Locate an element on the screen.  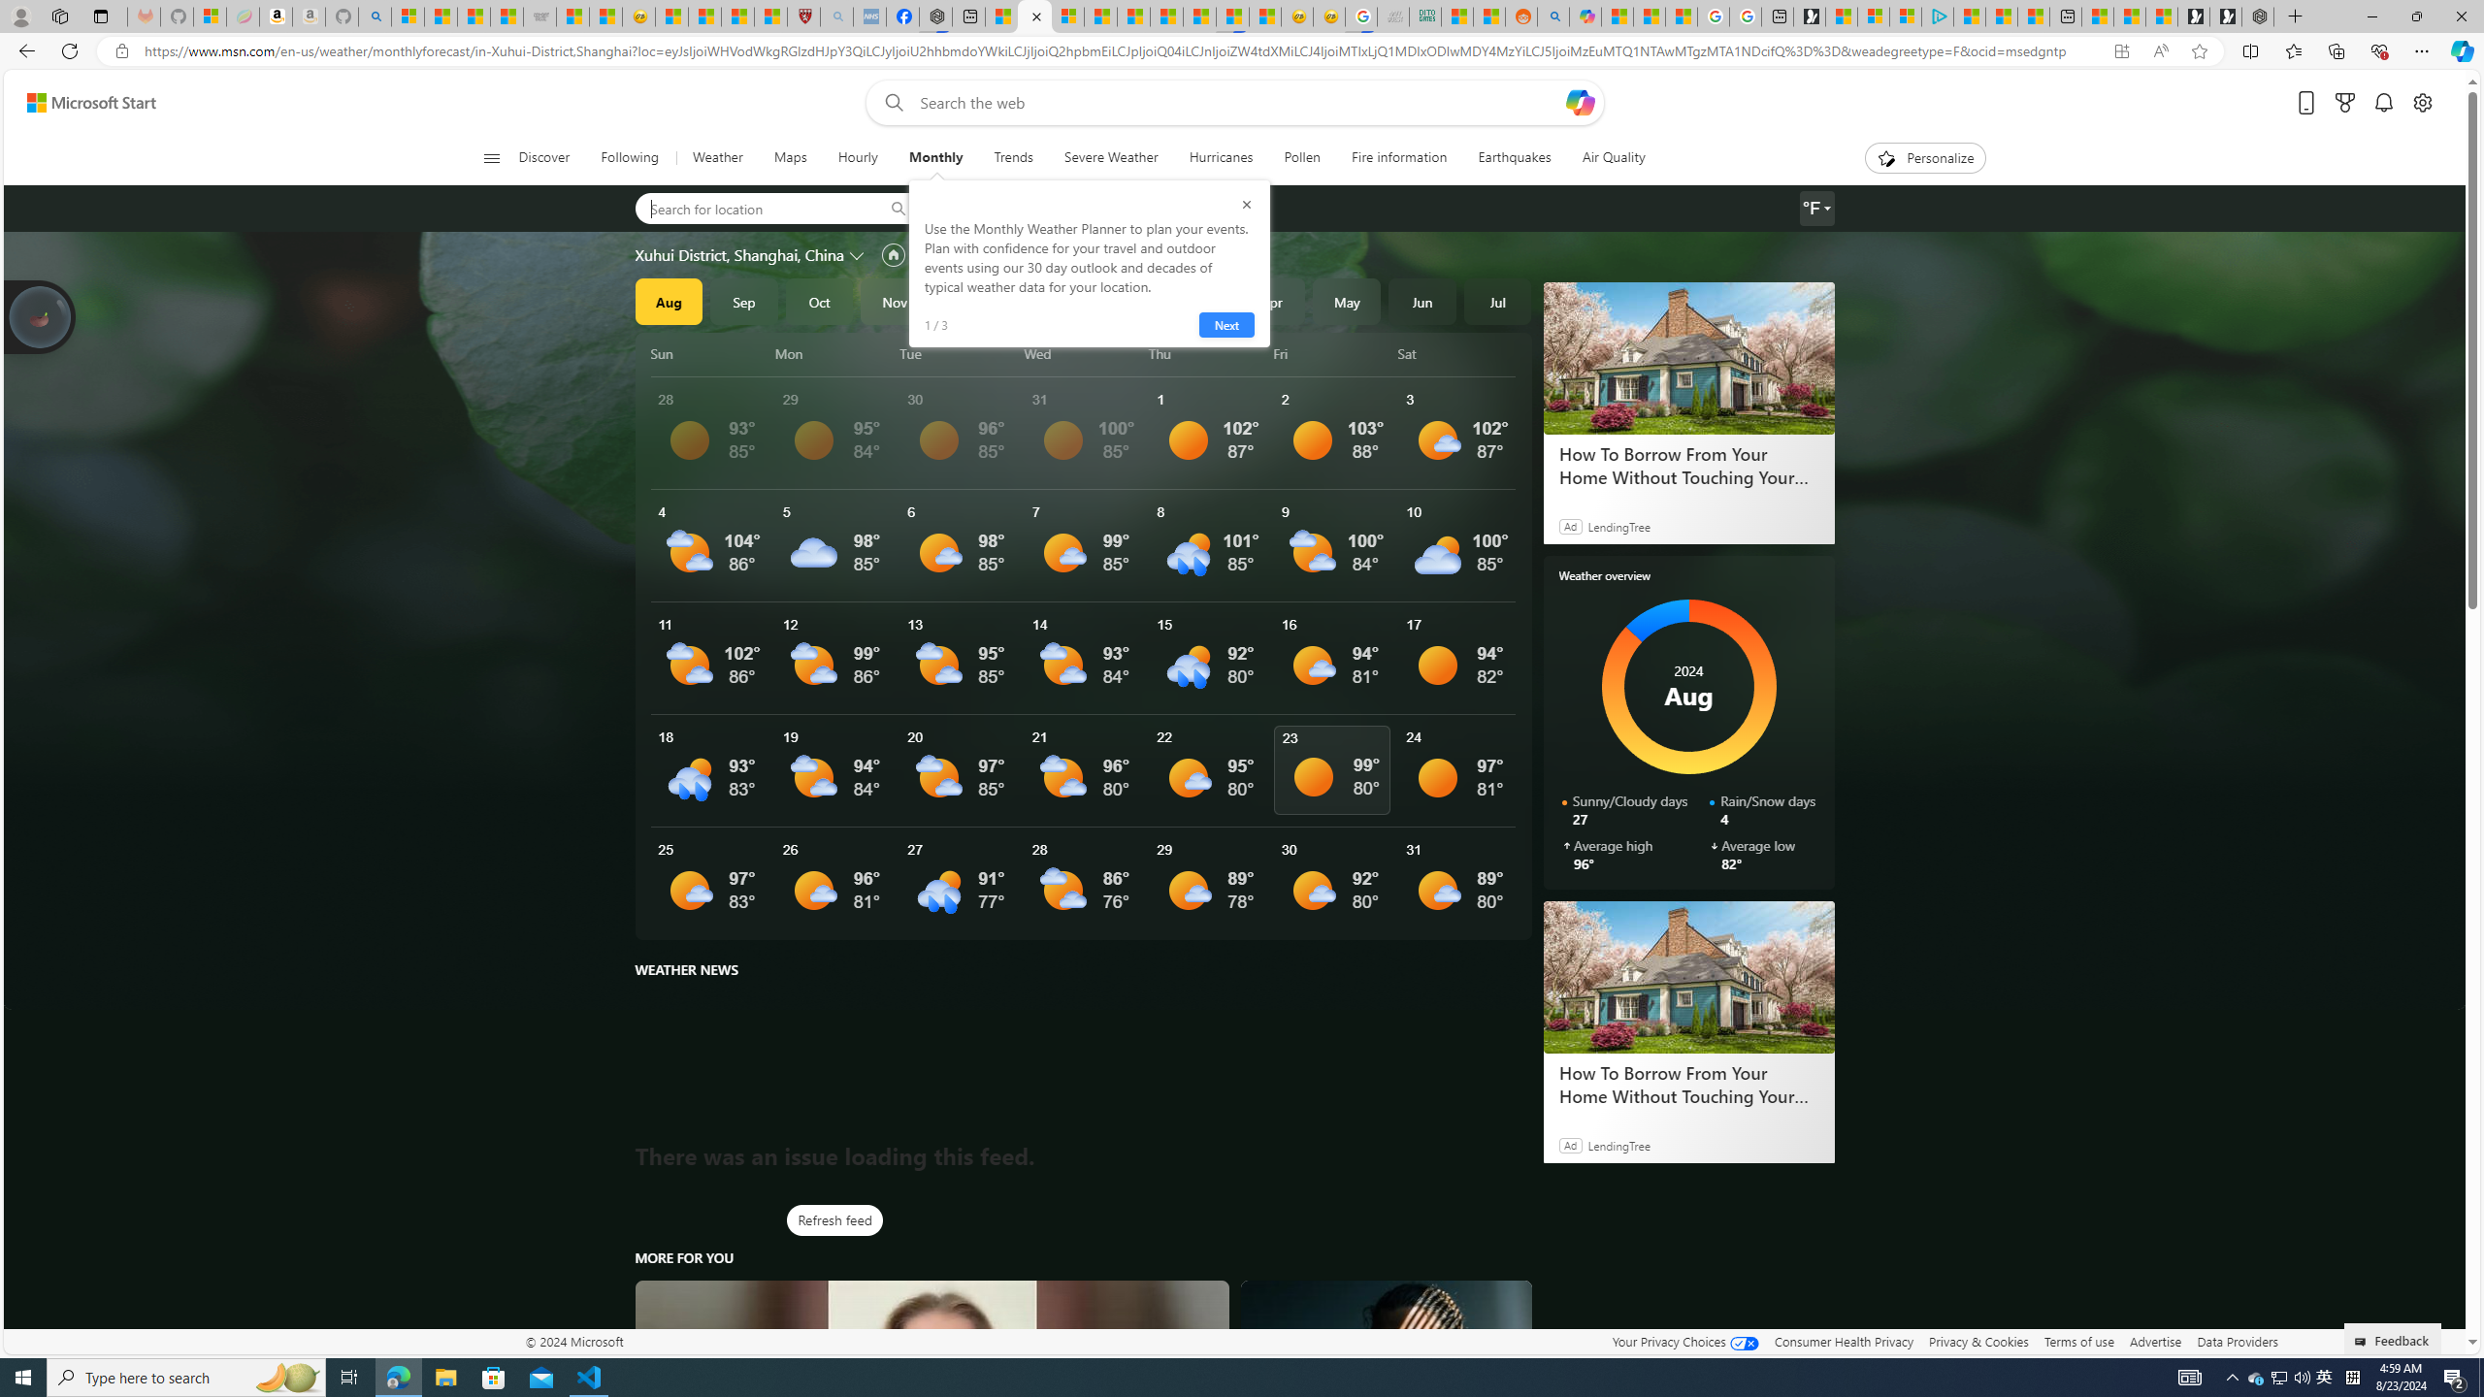
'Utah sues federal government - Search' is located at coordinates (1553, 16).